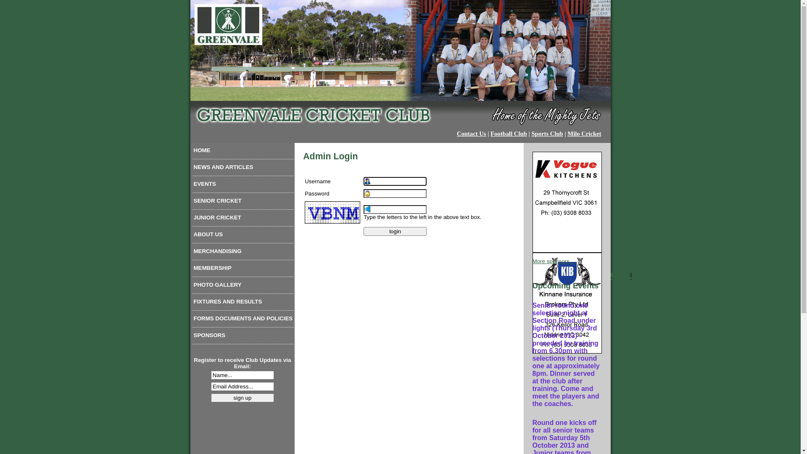 This screenshot has width=807, height=454. Describe the element at coordinates (243, 269) in the screenshot. I see `'MEMBERSHIP'` at that location.